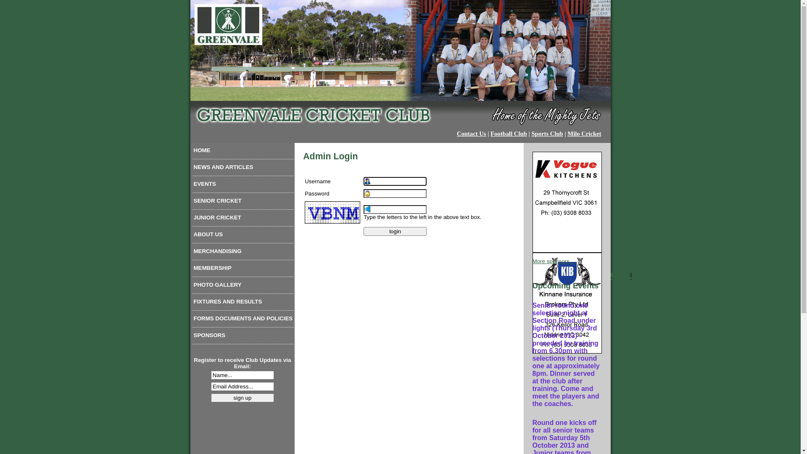 This screenshot has width=807, height=454. Describe the element at coordinates (243, 269) in the screenshot. I see `'MEMBERSHIP'` at that location.